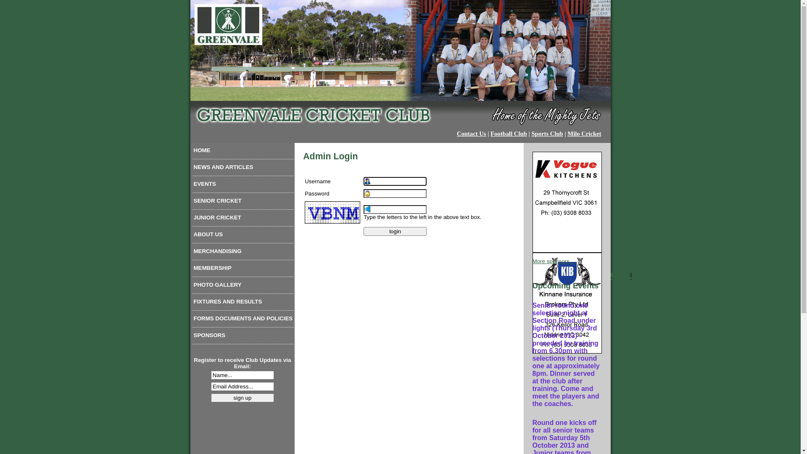 This screenshot has width=807, height=454. Describe the element at coordinates (243, 269) in the screenshot. I see `'MEMBERSHIP'` at that location.